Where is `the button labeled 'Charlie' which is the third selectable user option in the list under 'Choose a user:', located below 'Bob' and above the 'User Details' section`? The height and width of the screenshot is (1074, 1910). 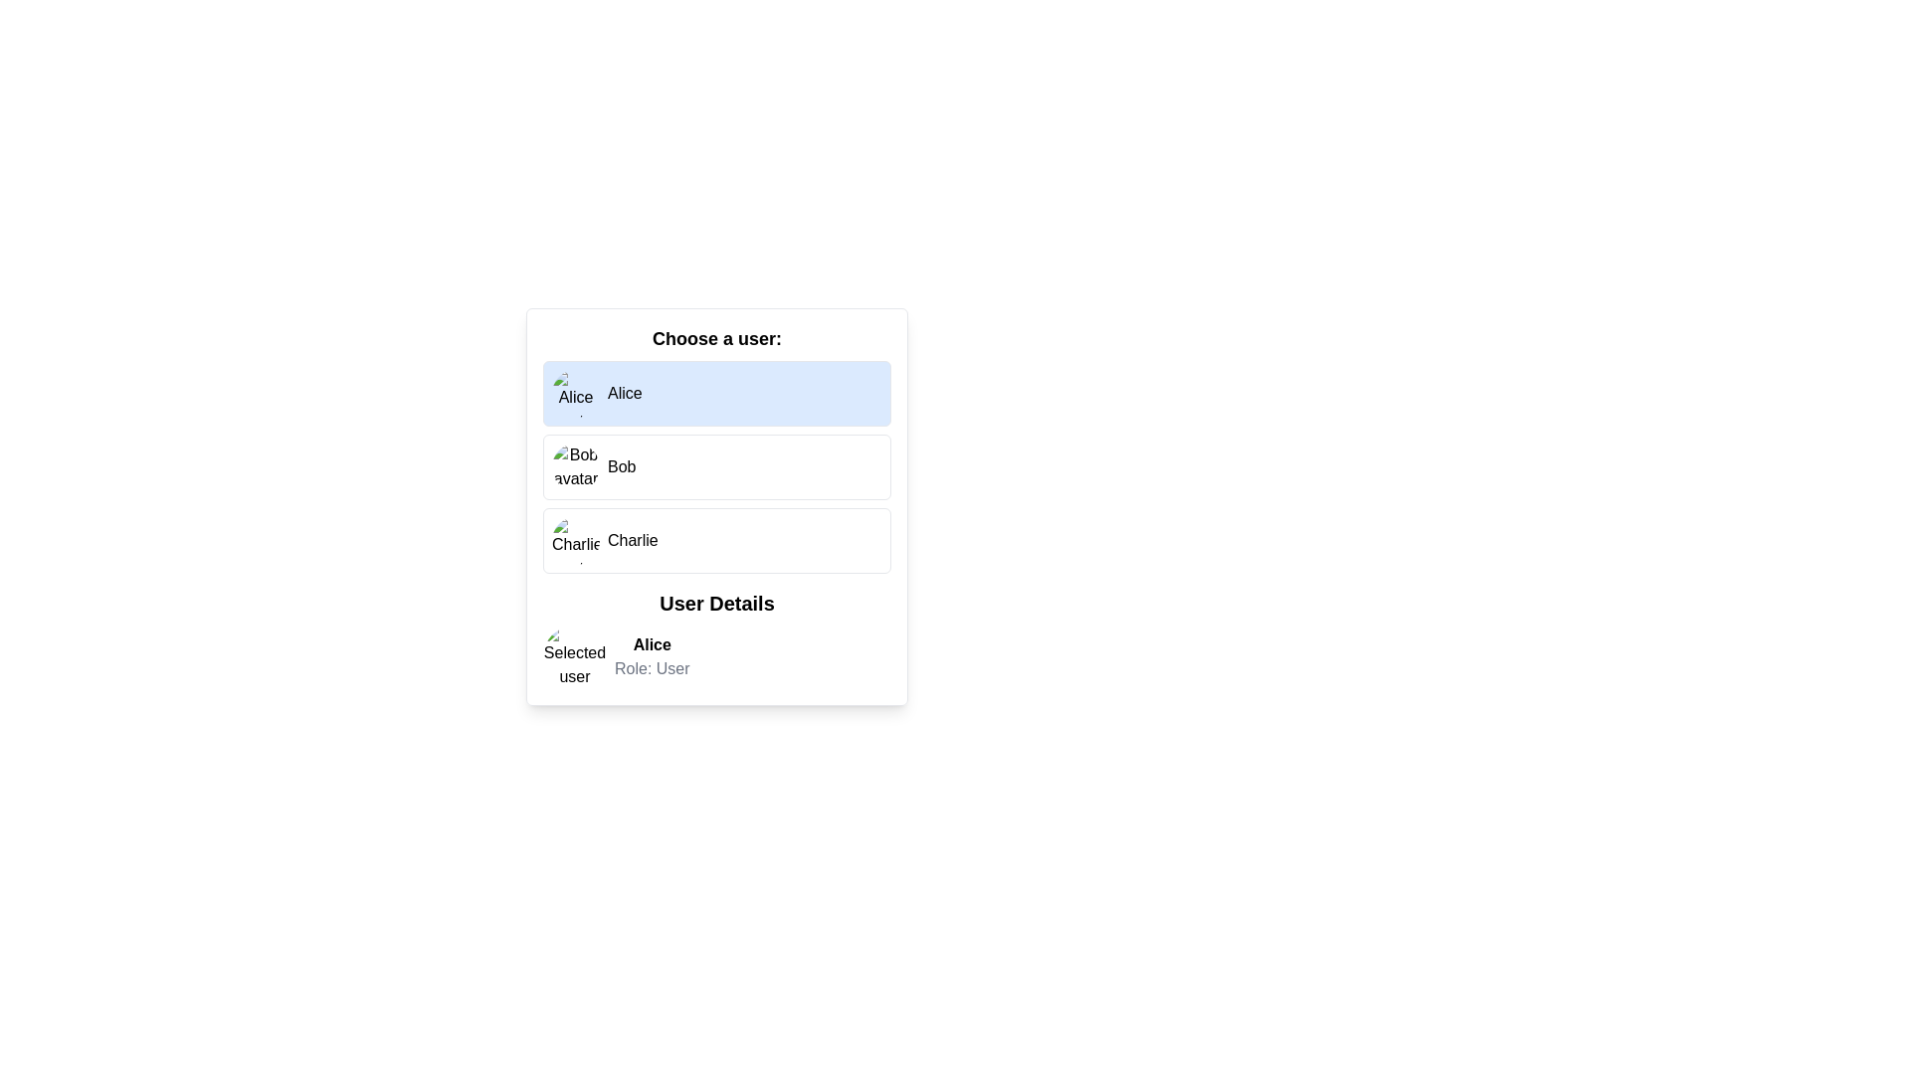
the button labeled 'Charlie' which is the third selectable user option in the list under 'Choose a user:', located below 'Bob' and above the 'User Details' section is located at coordinates (716, 540).